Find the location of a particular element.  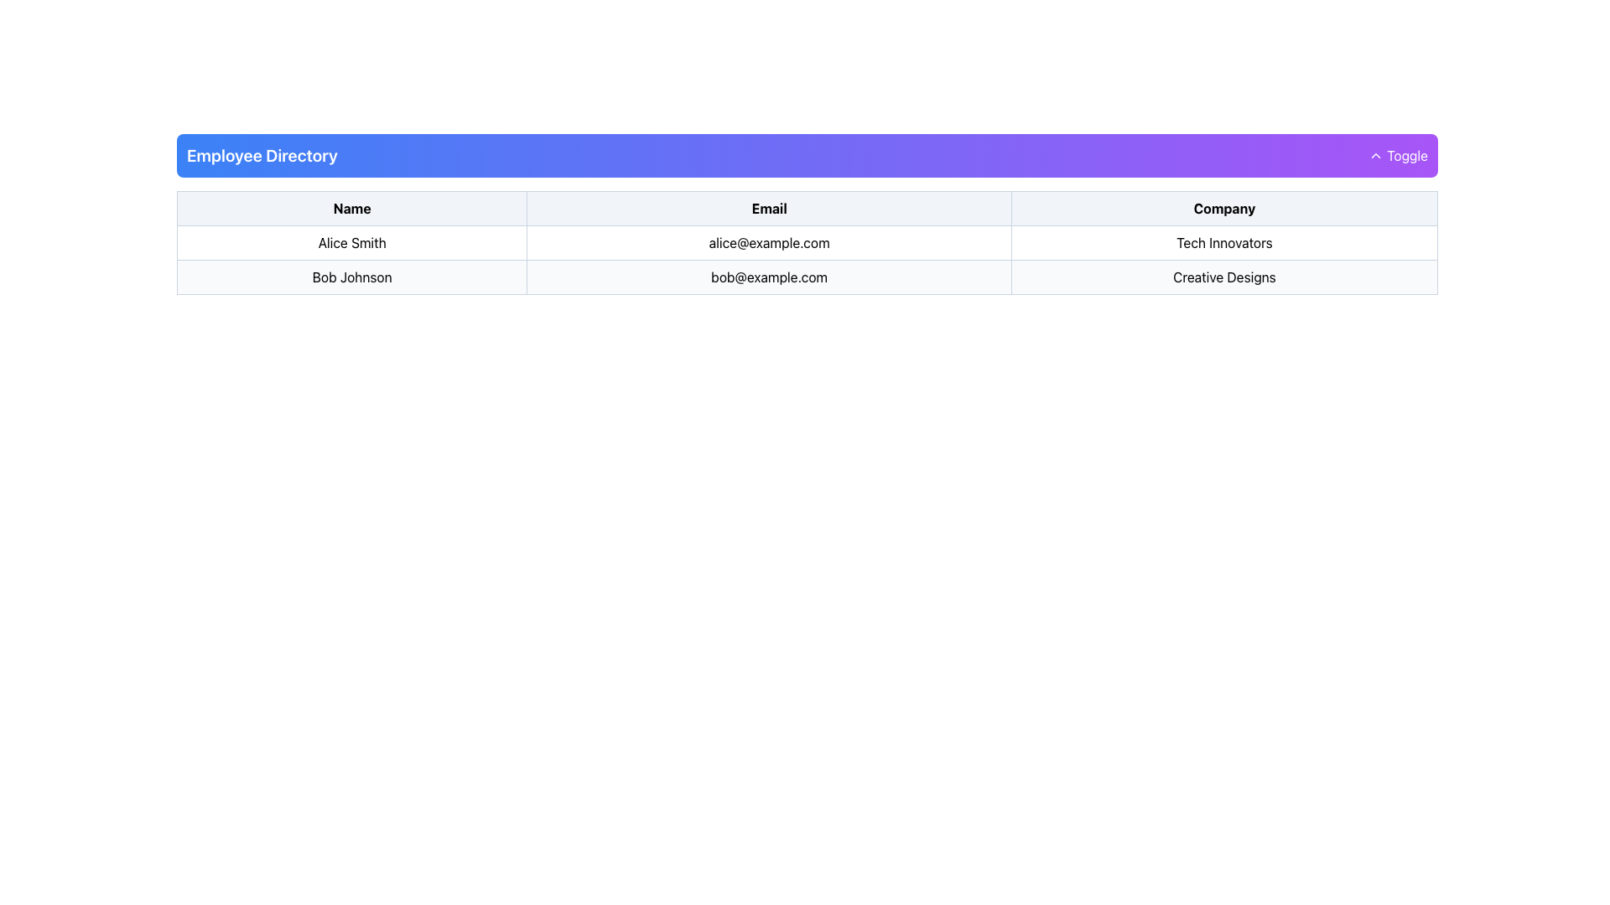

the text label displaying the email address 'bob@example.com', which is styled with a black font on a light background and bordered by a thin gray border, located in the second row and second column of a table is located at coordinates (768, 277).